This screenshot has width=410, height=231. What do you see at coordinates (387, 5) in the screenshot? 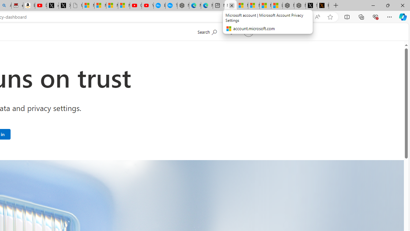
I see `'Restore'` at bounding box center [387, 5].